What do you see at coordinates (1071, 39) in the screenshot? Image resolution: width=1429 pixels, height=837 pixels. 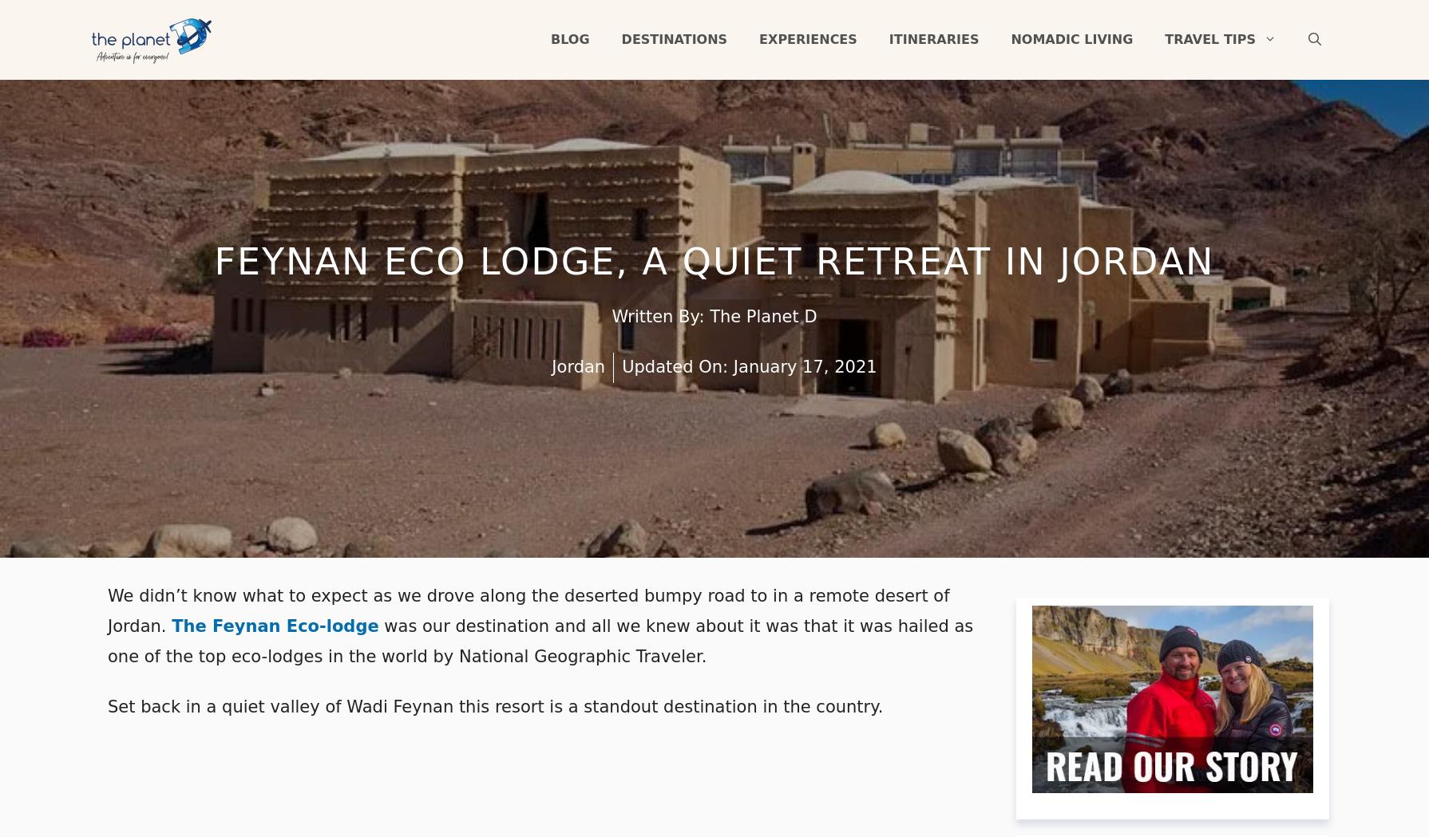 I see `'Nomadic Living'` at bounding box center [1071, 39].